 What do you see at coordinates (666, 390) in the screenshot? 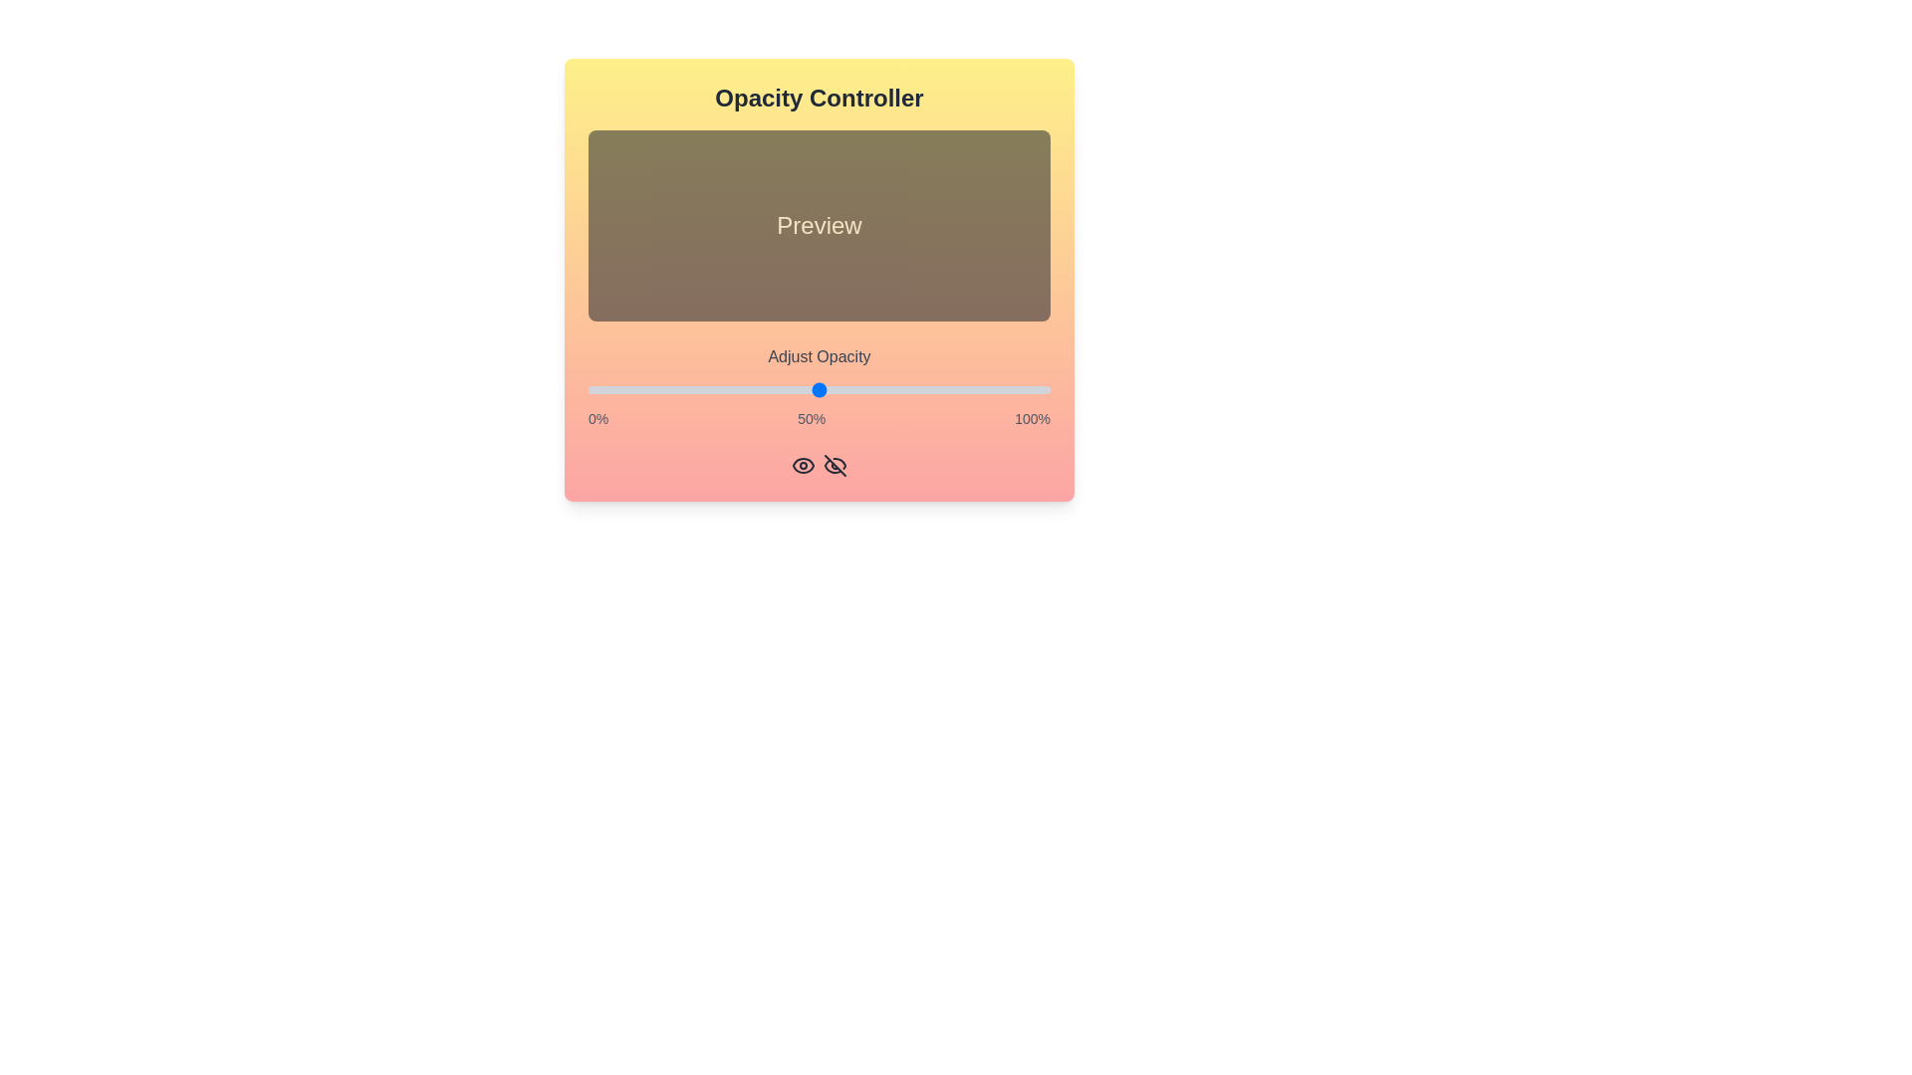
I see `the opacity slider to 17%` at bounding box center [666, 390].